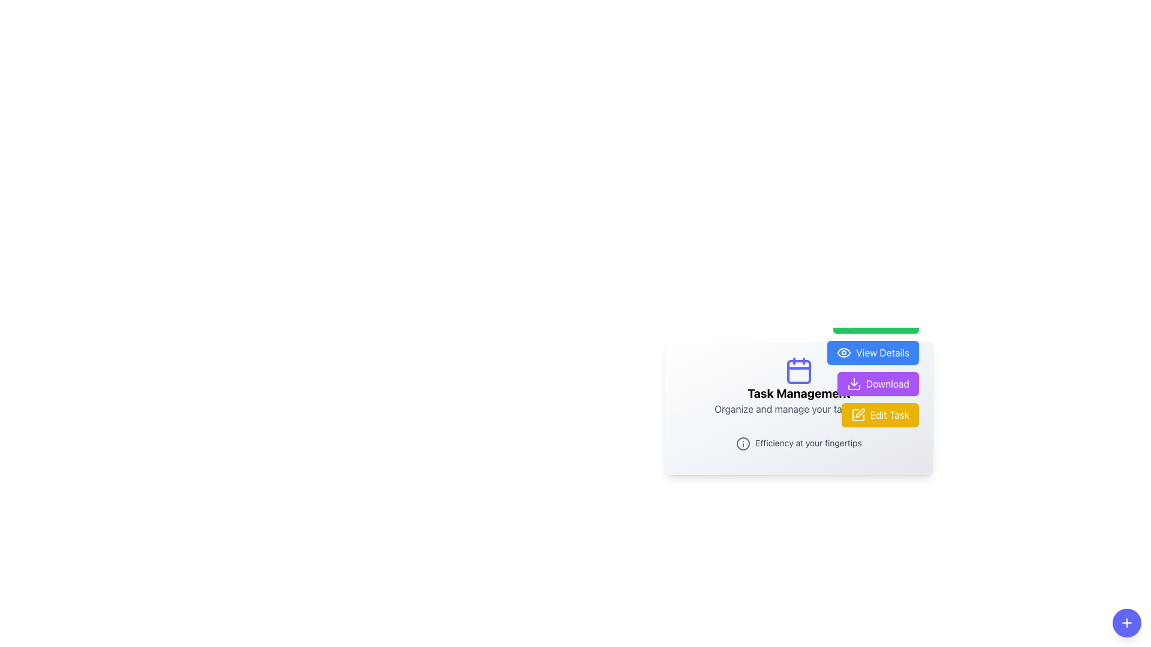  Describe the element at coordinates (878, 383) in the screenshot. I see `the 'Download' button` at that location.